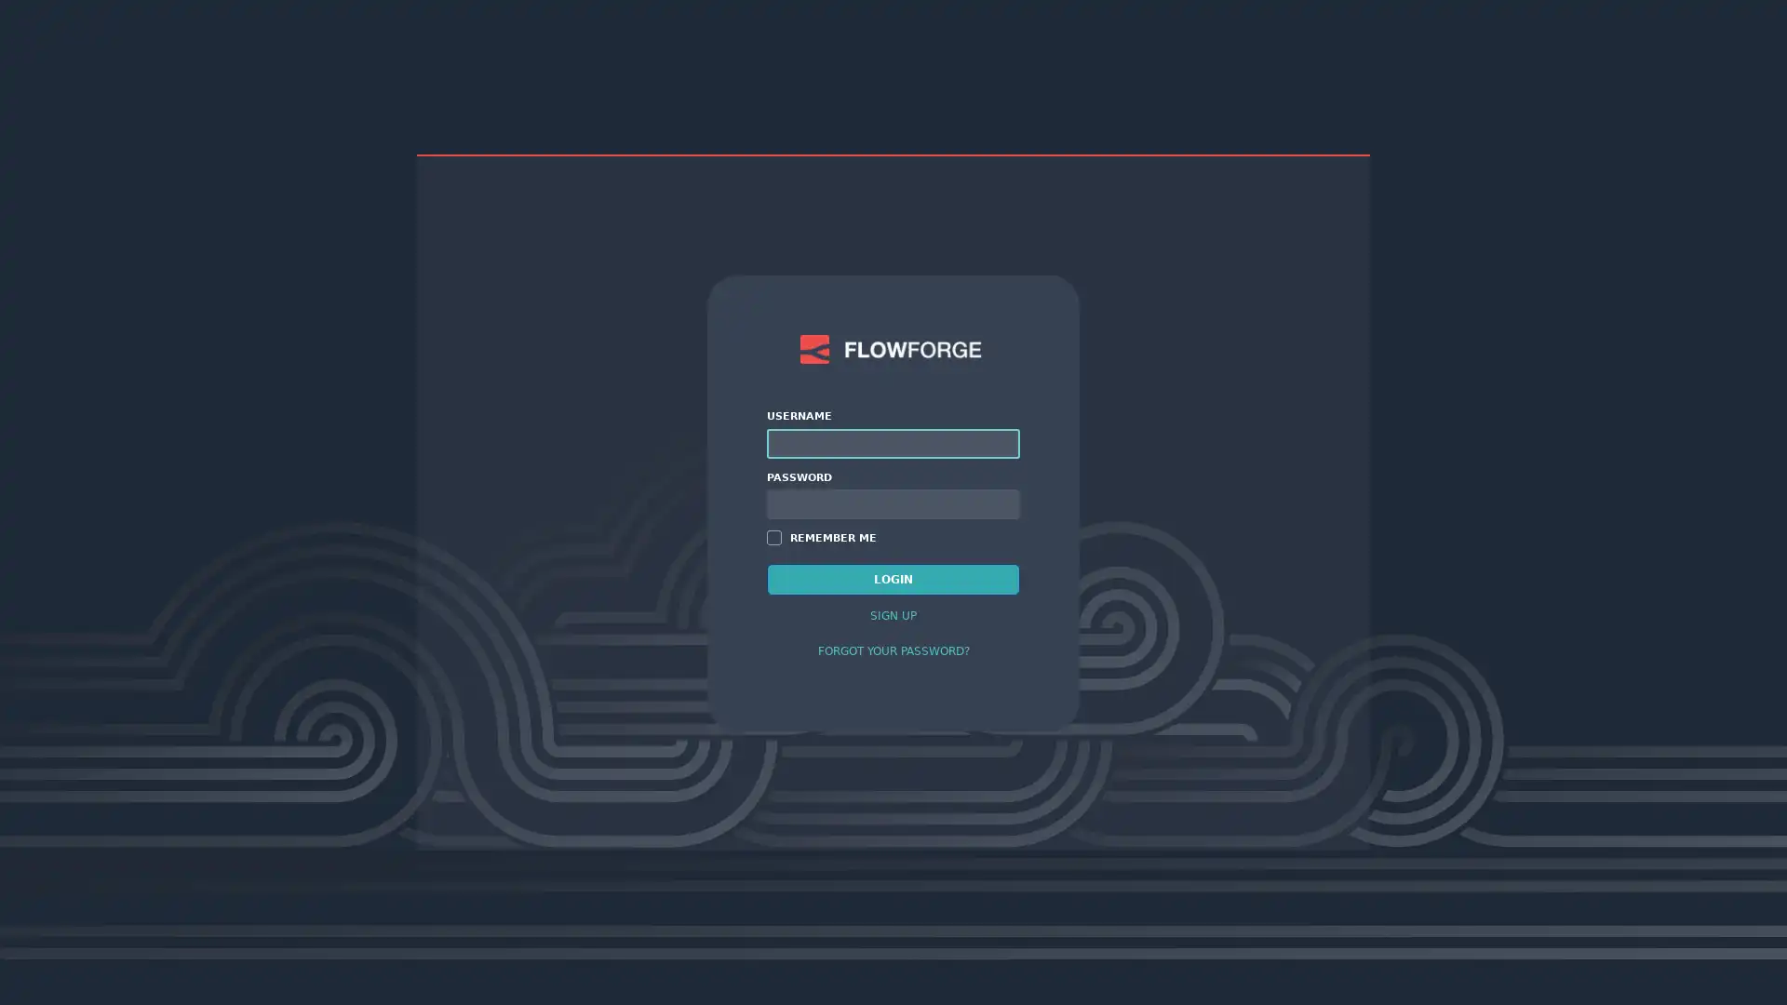  What do you see at coordinates (893, 577) in the screenshot?
I see `LOGIN` at bounding box center [893, 577].